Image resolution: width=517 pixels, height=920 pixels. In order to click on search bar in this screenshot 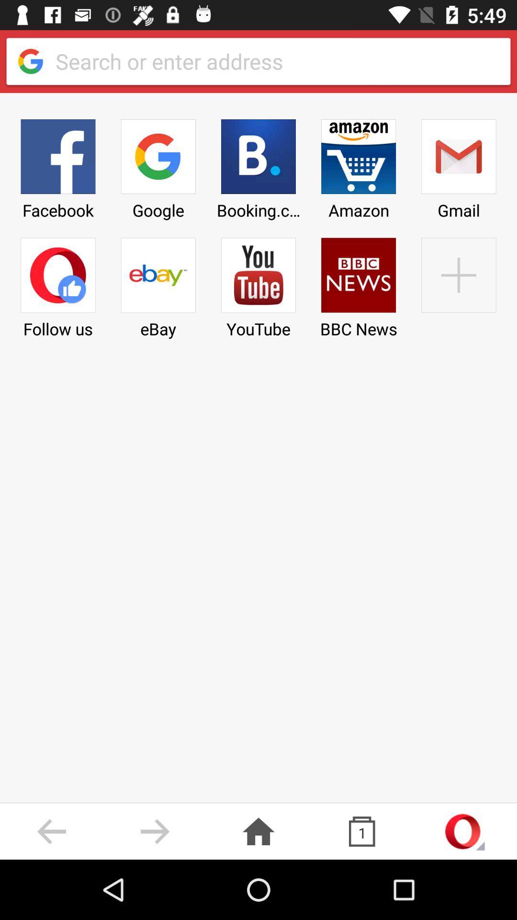, I will do `click(275, 61)`.